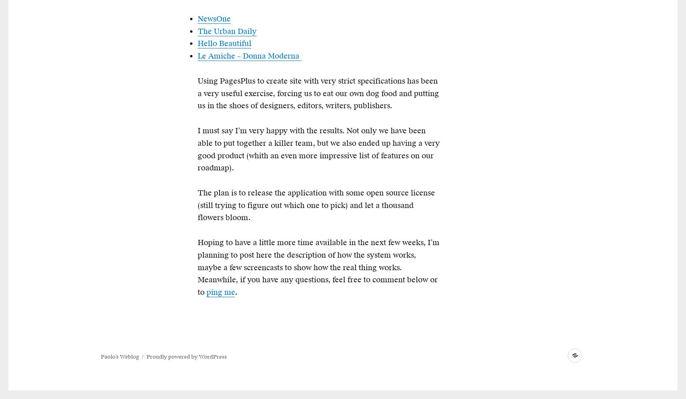  I want to click on 'NewsOne', so click(197, 18).